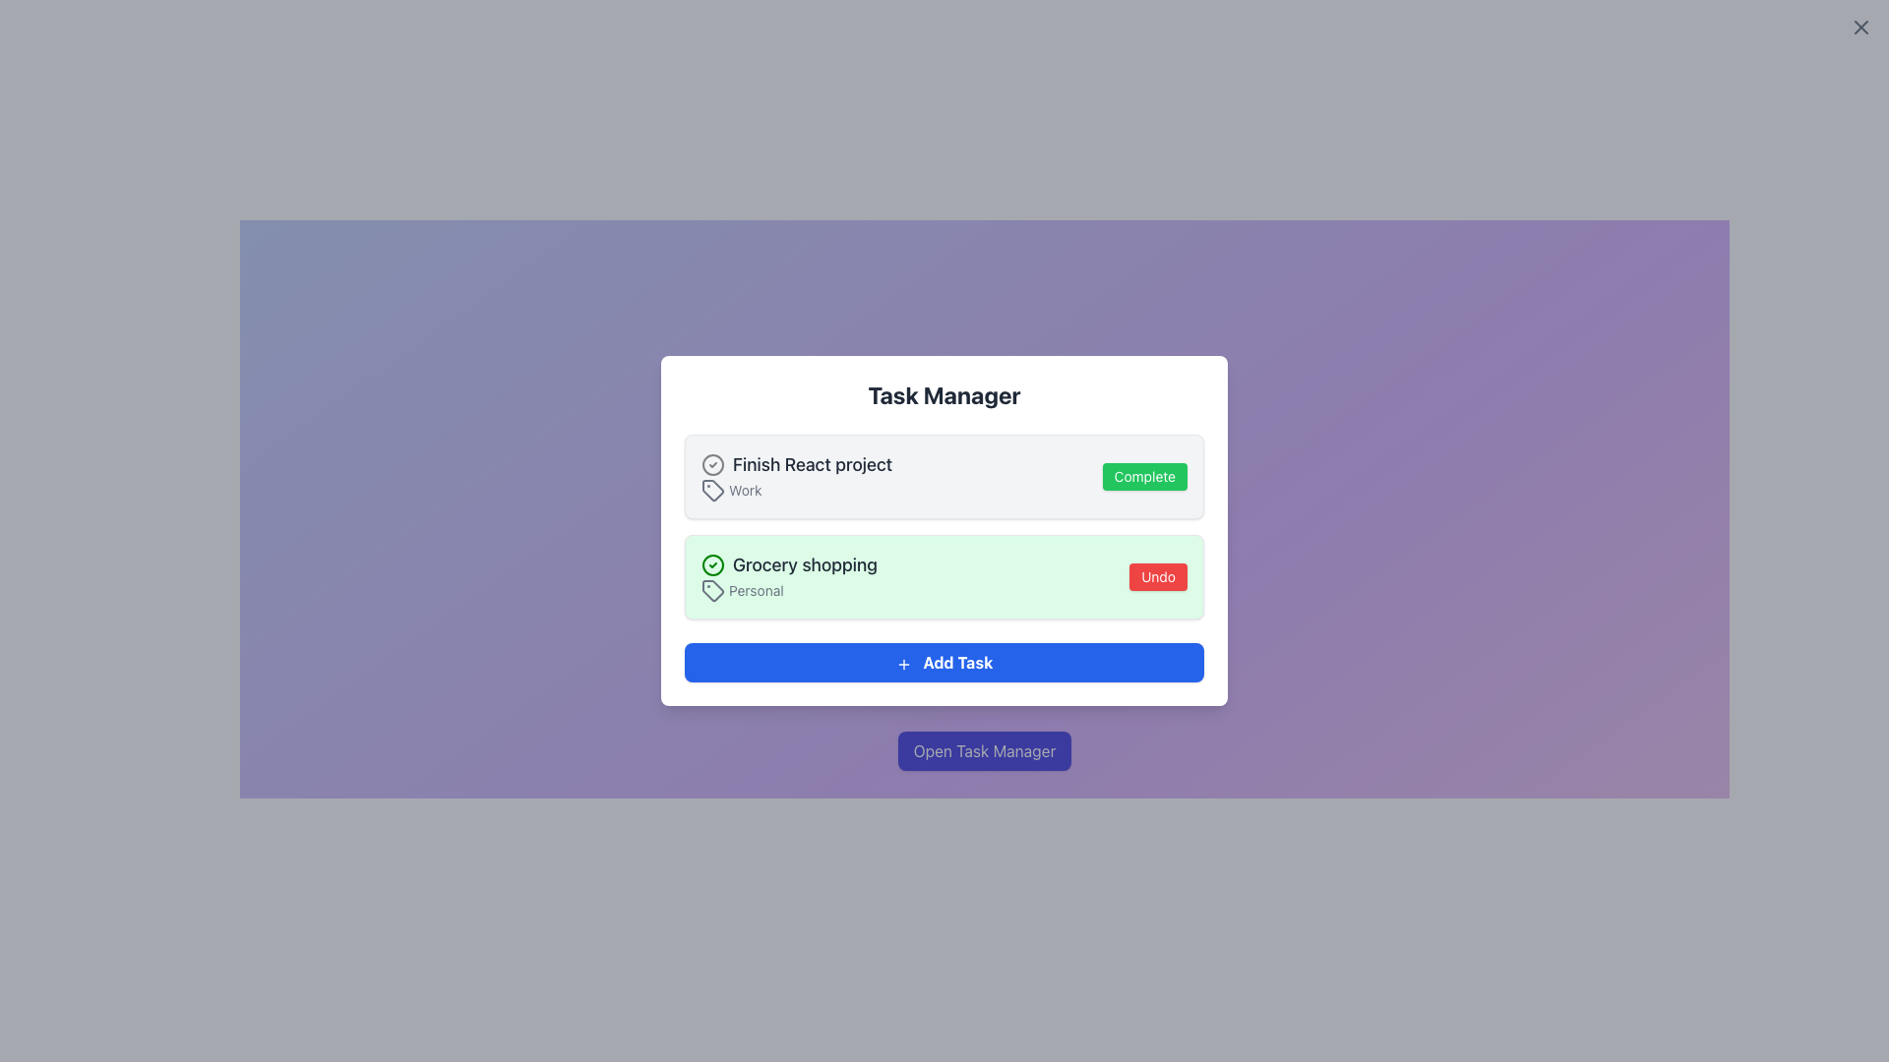 This screenshot has height=1062, width=1889. Describe the element at coordinates (711, 590) in the screenshot. I see `the SVG icon located to the left of the 'Personal' label in the green highlighted area of the 'Grocery shopping' task item` at that location.